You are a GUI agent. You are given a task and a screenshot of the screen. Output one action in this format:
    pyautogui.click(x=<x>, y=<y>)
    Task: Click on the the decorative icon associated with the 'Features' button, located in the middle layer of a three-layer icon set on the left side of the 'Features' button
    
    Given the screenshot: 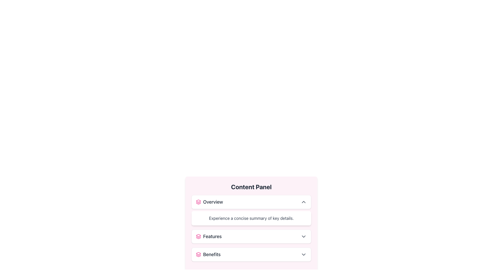 What is the action you would take?
    pyautogui.click(x=198, y=237)
    